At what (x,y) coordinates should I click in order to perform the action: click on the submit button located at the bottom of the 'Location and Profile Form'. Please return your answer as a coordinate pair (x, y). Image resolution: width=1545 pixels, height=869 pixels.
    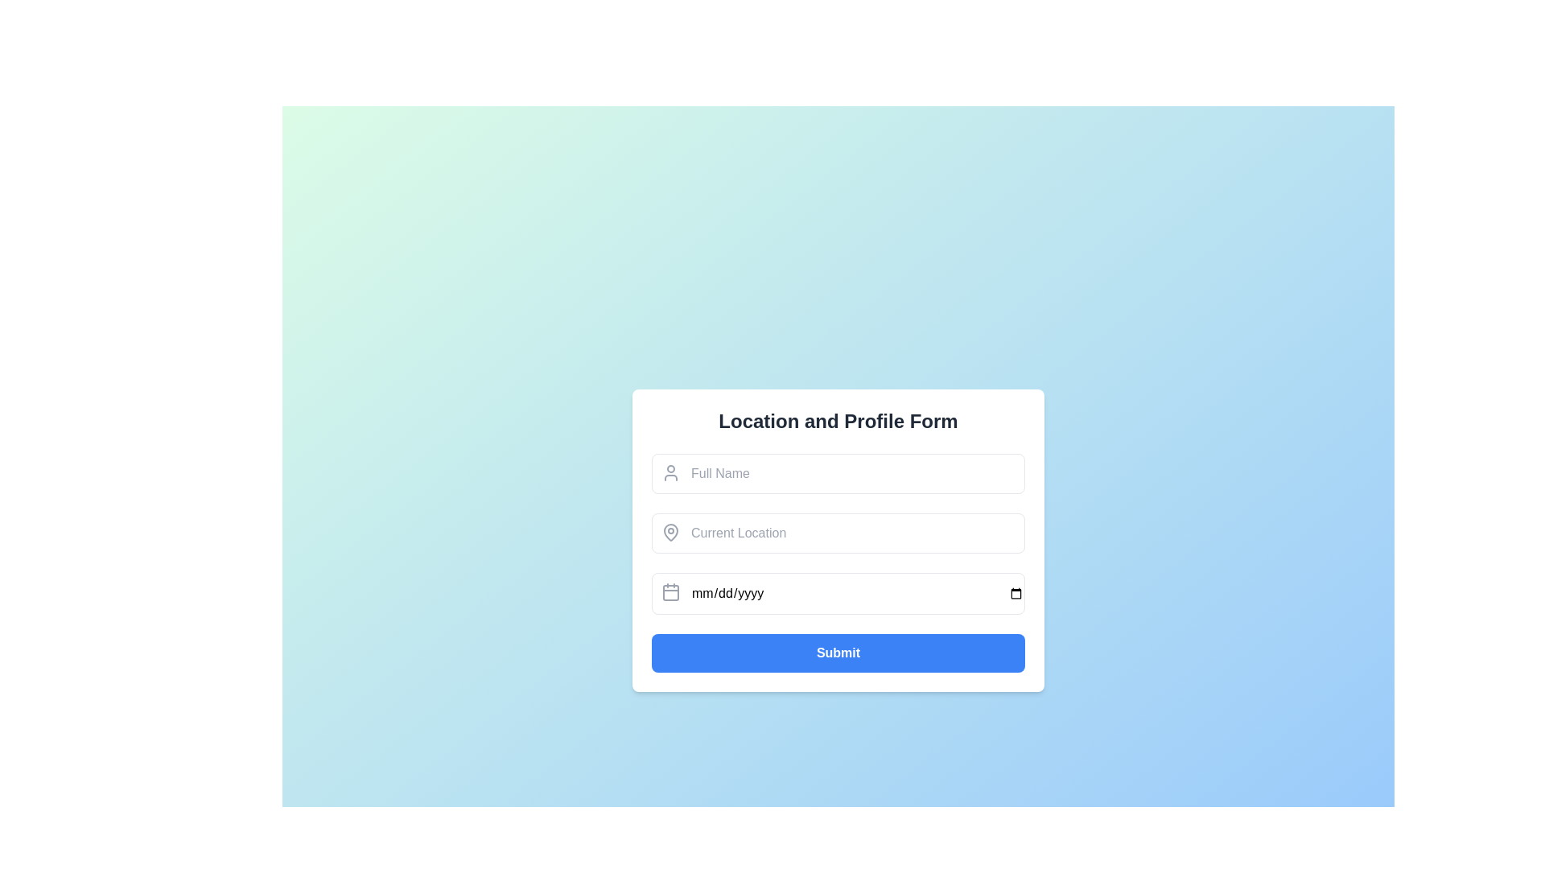
    Looking at the image, I should click on (837, 653).